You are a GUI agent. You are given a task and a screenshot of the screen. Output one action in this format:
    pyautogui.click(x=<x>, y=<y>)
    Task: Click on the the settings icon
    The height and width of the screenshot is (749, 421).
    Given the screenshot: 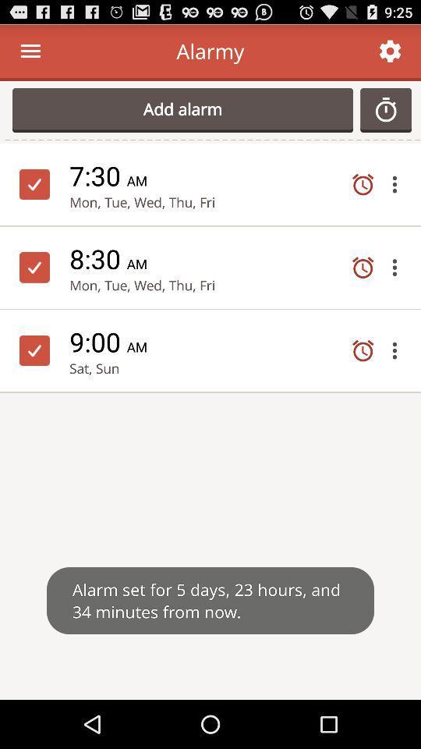 What is the action you would take?
    pyautogui.click(x=389, y=55)
    